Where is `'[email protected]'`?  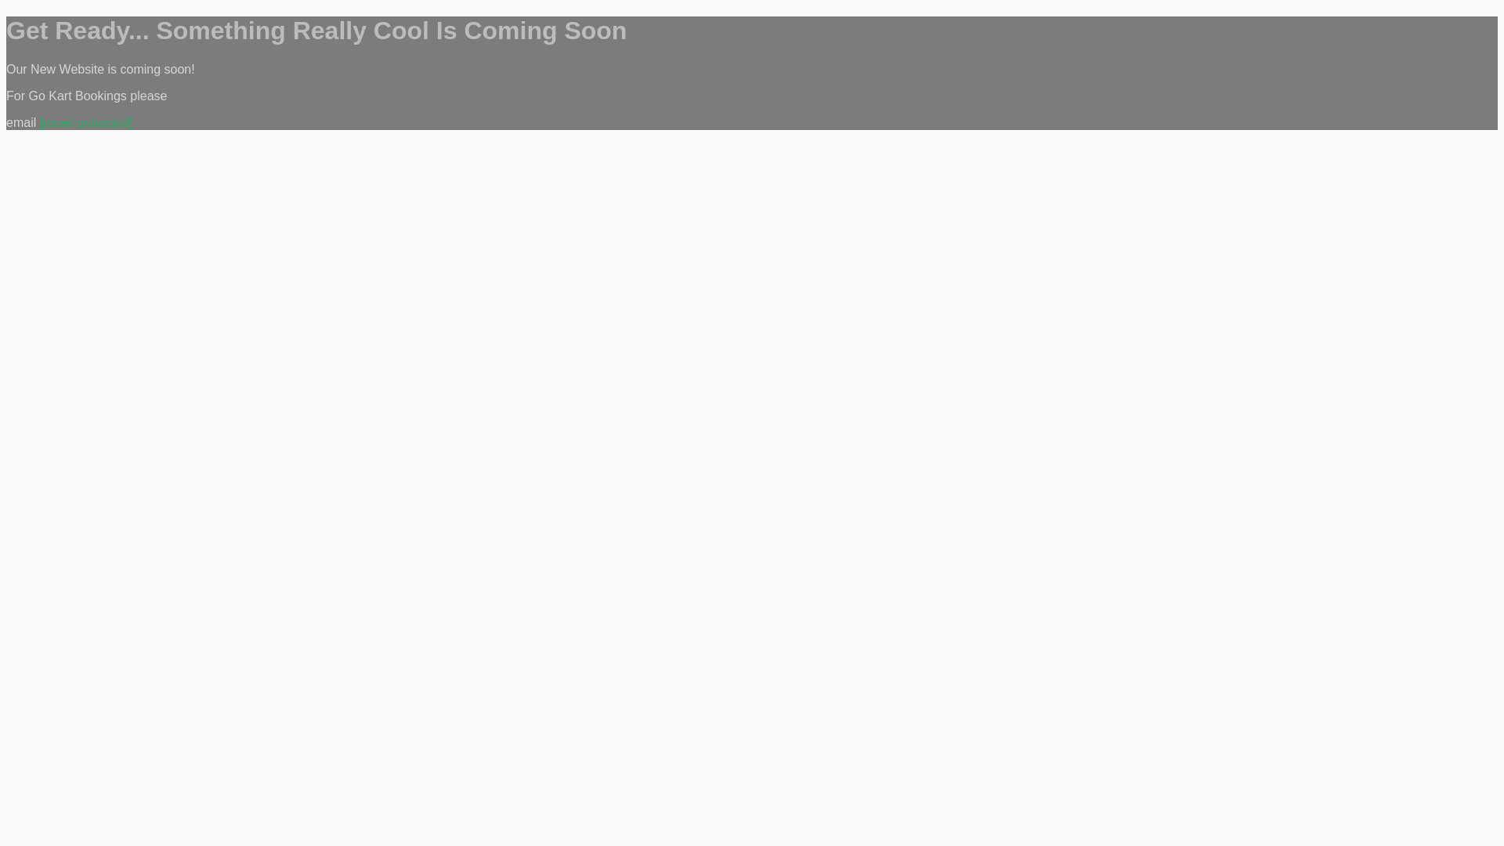 '[email protected]' is located at coordinates (40, 121).